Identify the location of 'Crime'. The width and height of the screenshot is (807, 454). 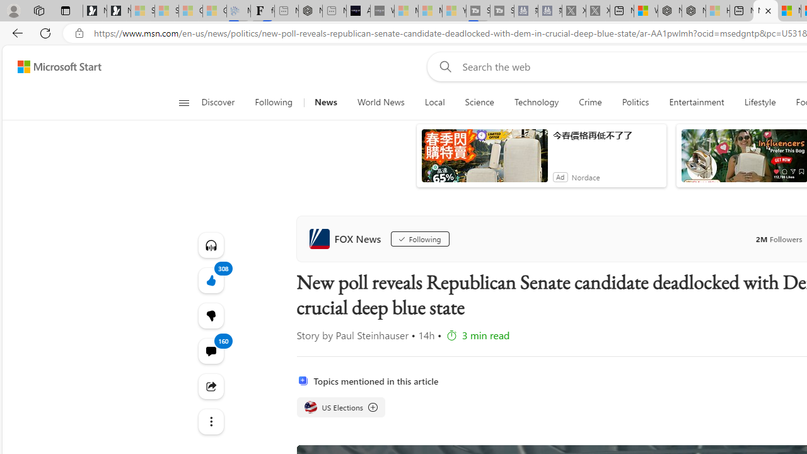
(589, 102).